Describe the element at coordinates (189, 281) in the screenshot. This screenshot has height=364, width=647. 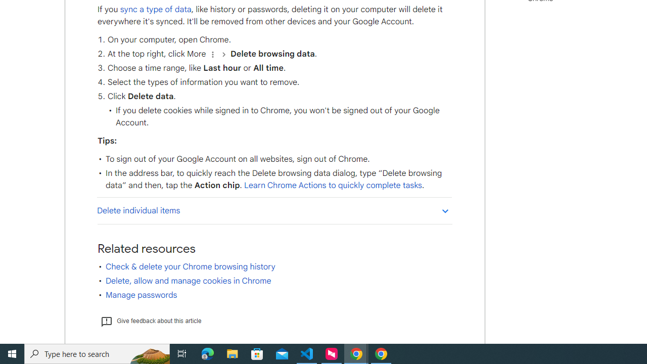
I see `'Delete, allow and manage cookies in Chrome'` at that location.